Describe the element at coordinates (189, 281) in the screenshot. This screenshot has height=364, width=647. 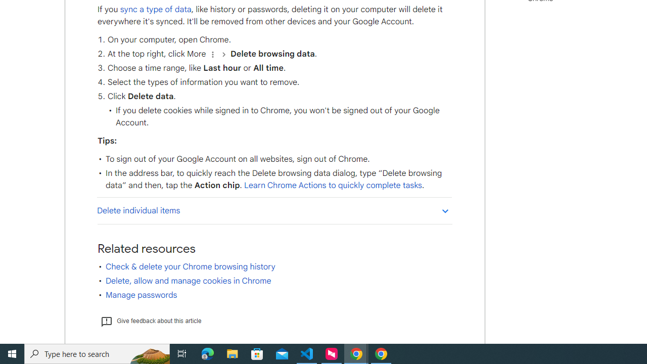
I see `'Delete, allow and manage cookies in Chrome'` at that location.